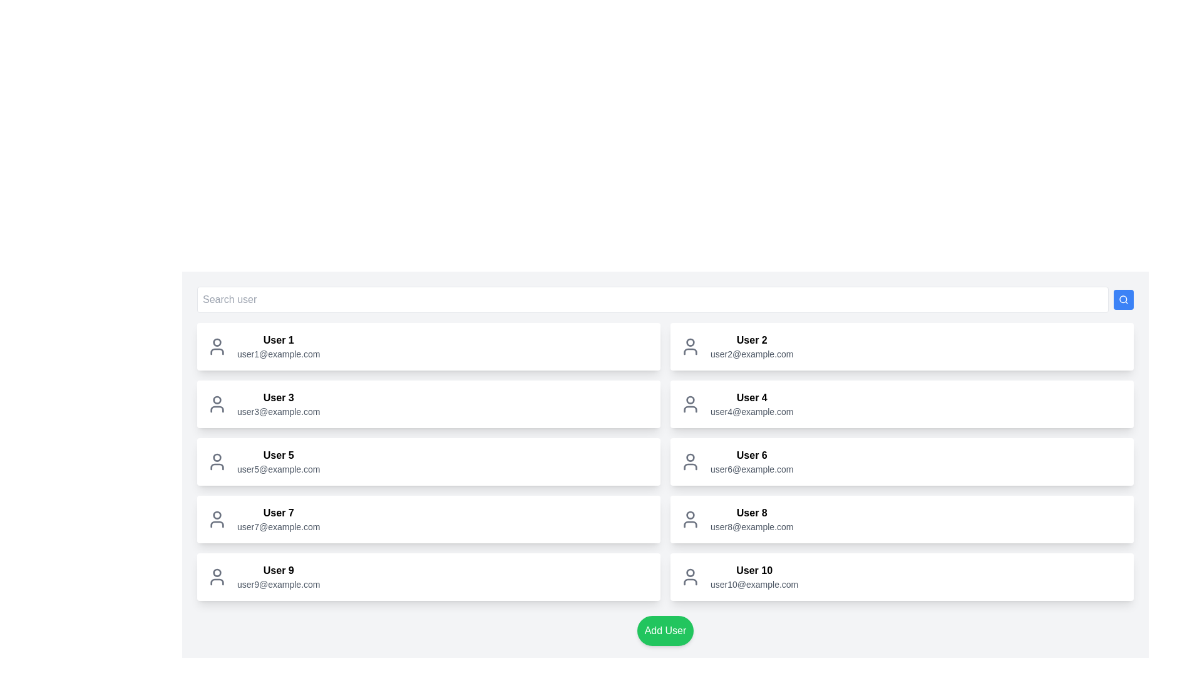 This screenshot has height=676, width=1202. I want to click on the Text Display element that contains the user's name and email address, located in the right column of the user list, below 'User 1' and above 'User 4', so click(751, 347).